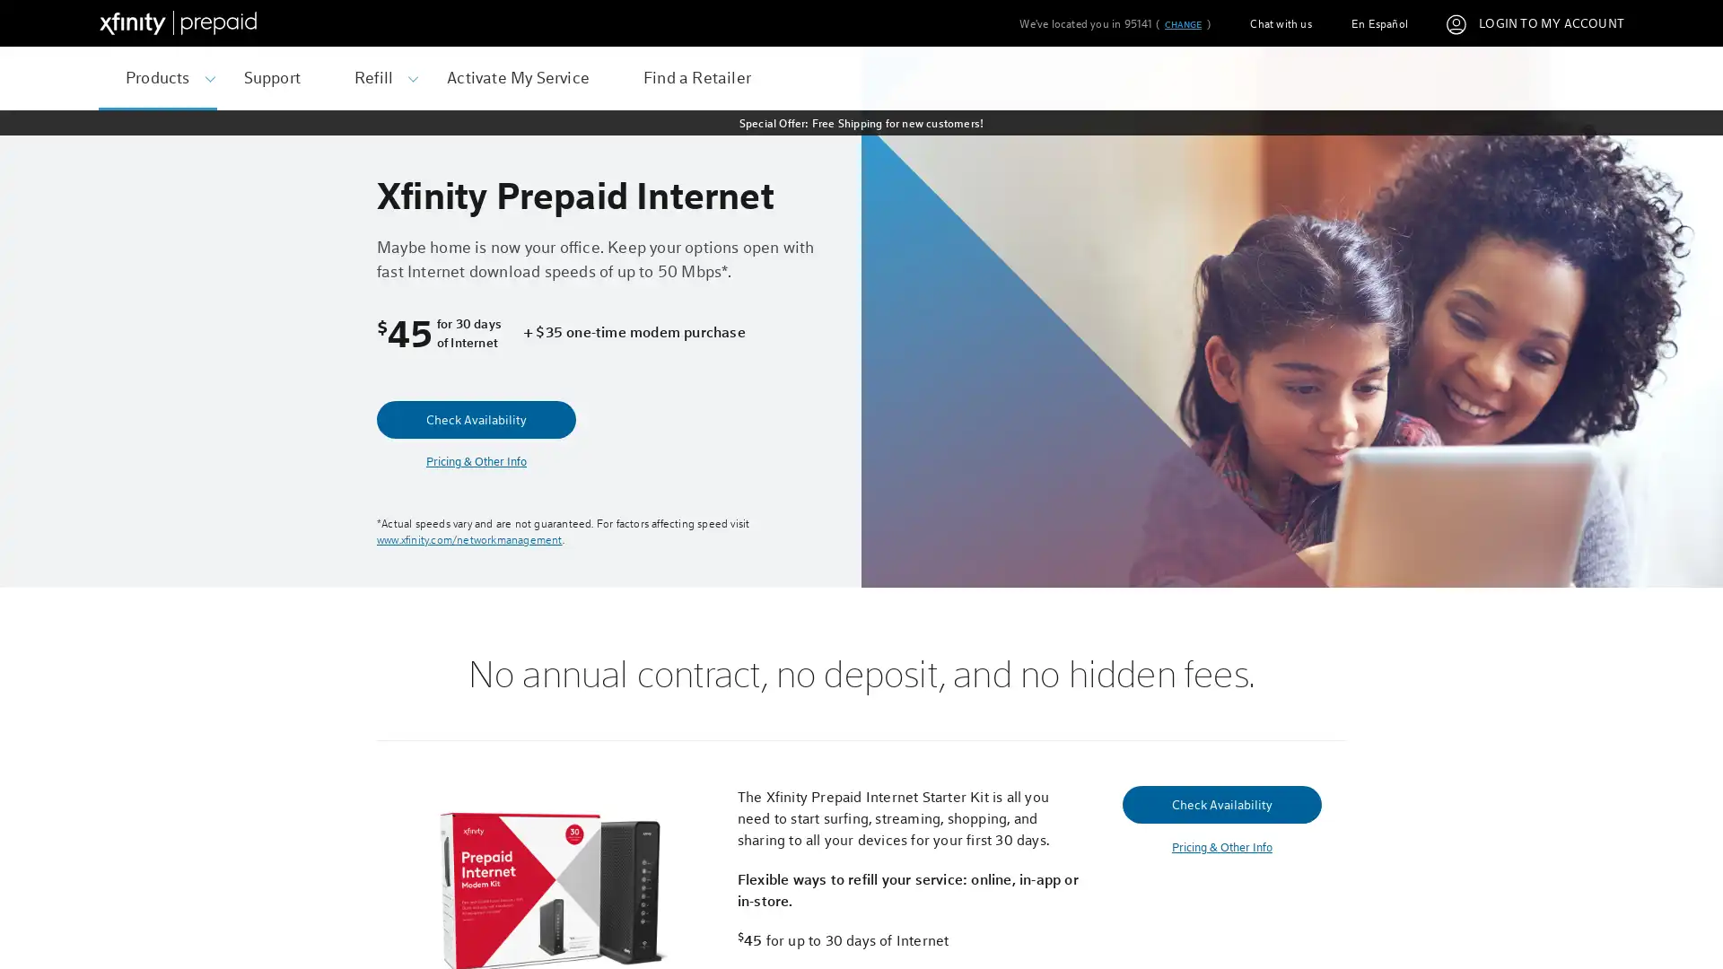 The height and width of the screenshot is (969, 1723). What do you see at coordinates (1182, 24) in the screenshot?
I see `CHANGE` at bounding box center [1182, 24].